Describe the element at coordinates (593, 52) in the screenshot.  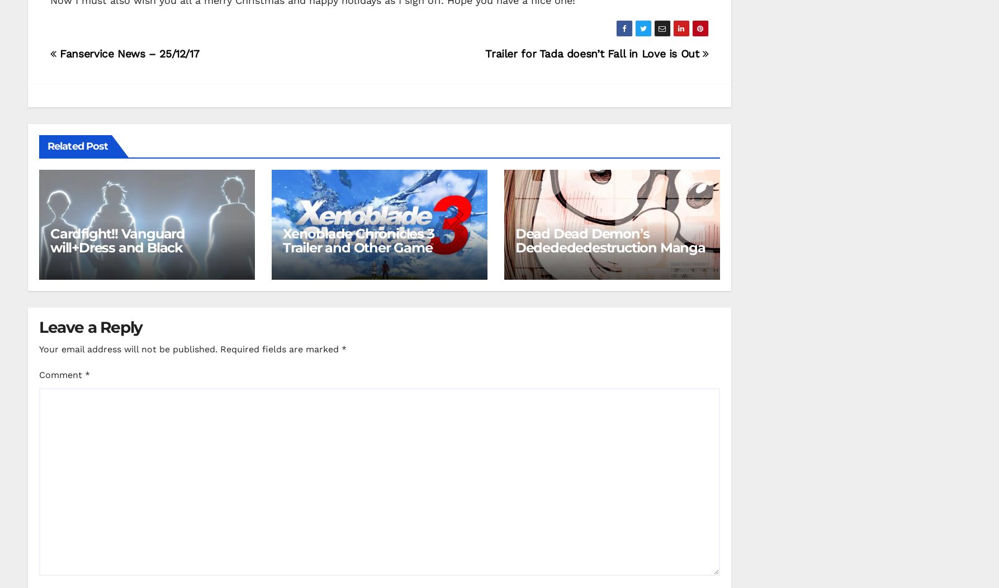
I see `'Trailer for Tada doesn’t Fall in Love is Out'` at that location.